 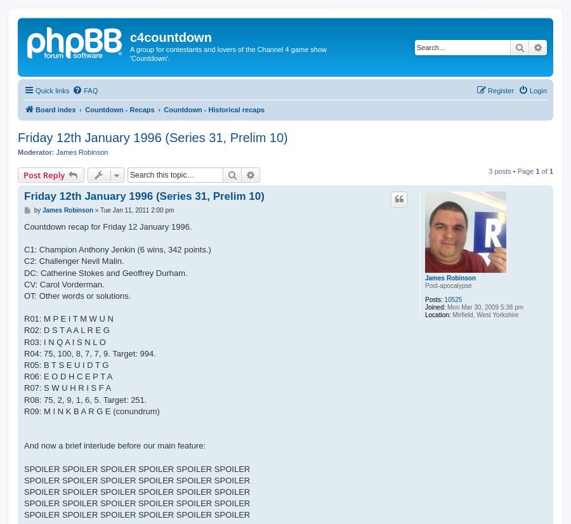 What do you see at coordinates (452, 299) in the screenshot?
I see `'10525'` at bounding box center [452, 299].